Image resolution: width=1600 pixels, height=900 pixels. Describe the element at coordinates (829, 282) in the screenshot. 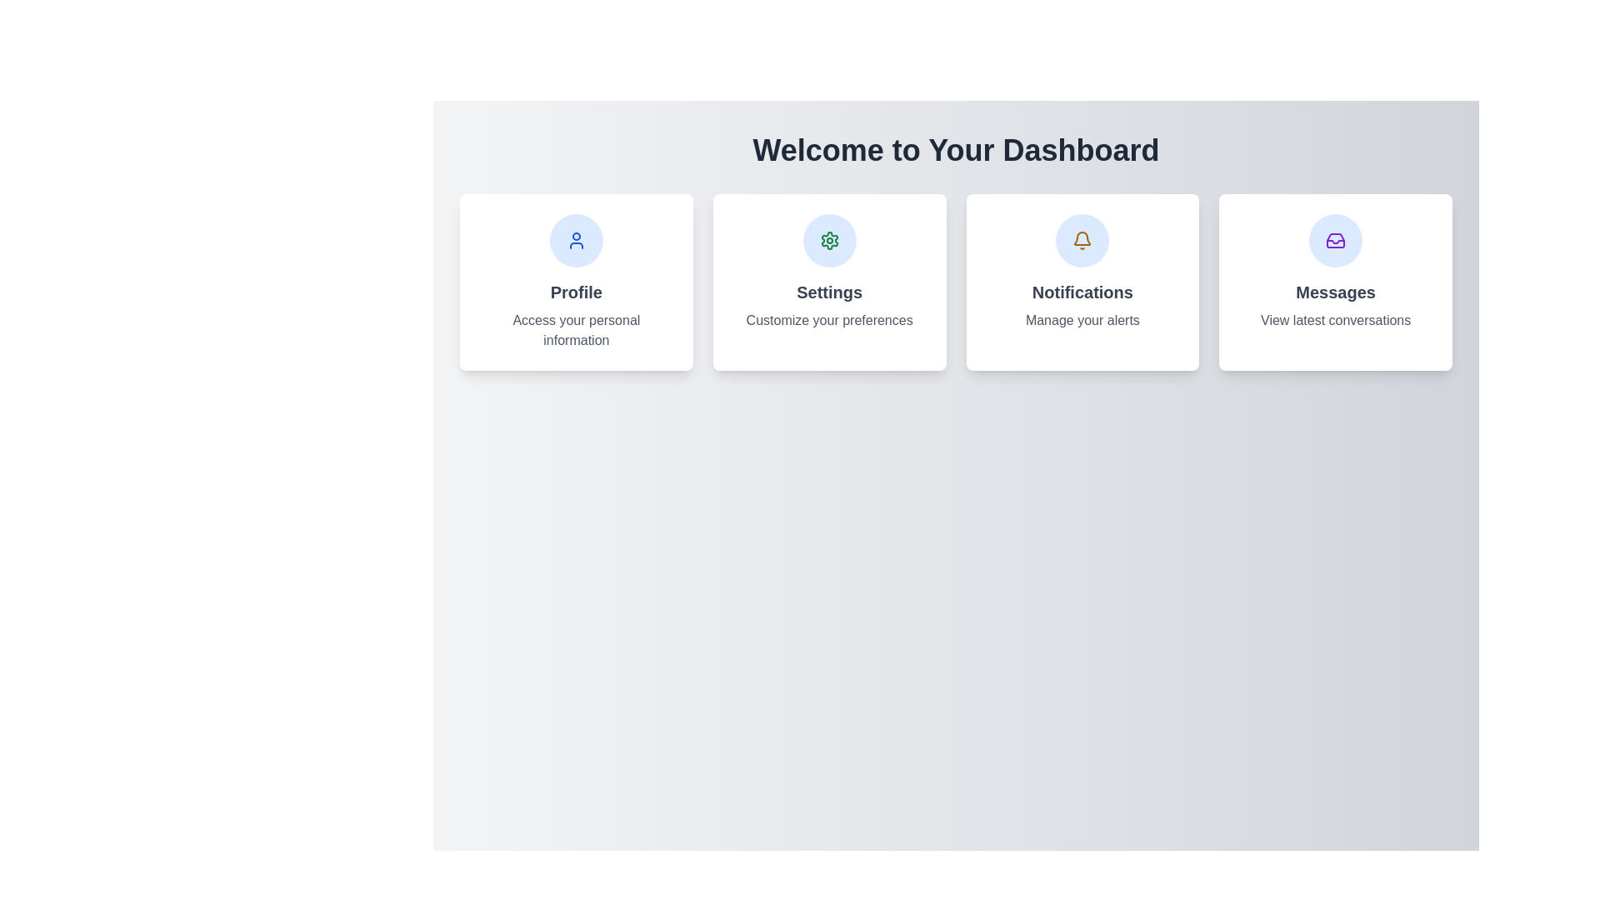

I see `the Interactive card, which is the second card from the left in a grid layout, designed for accessing settings or customization options` at that location.